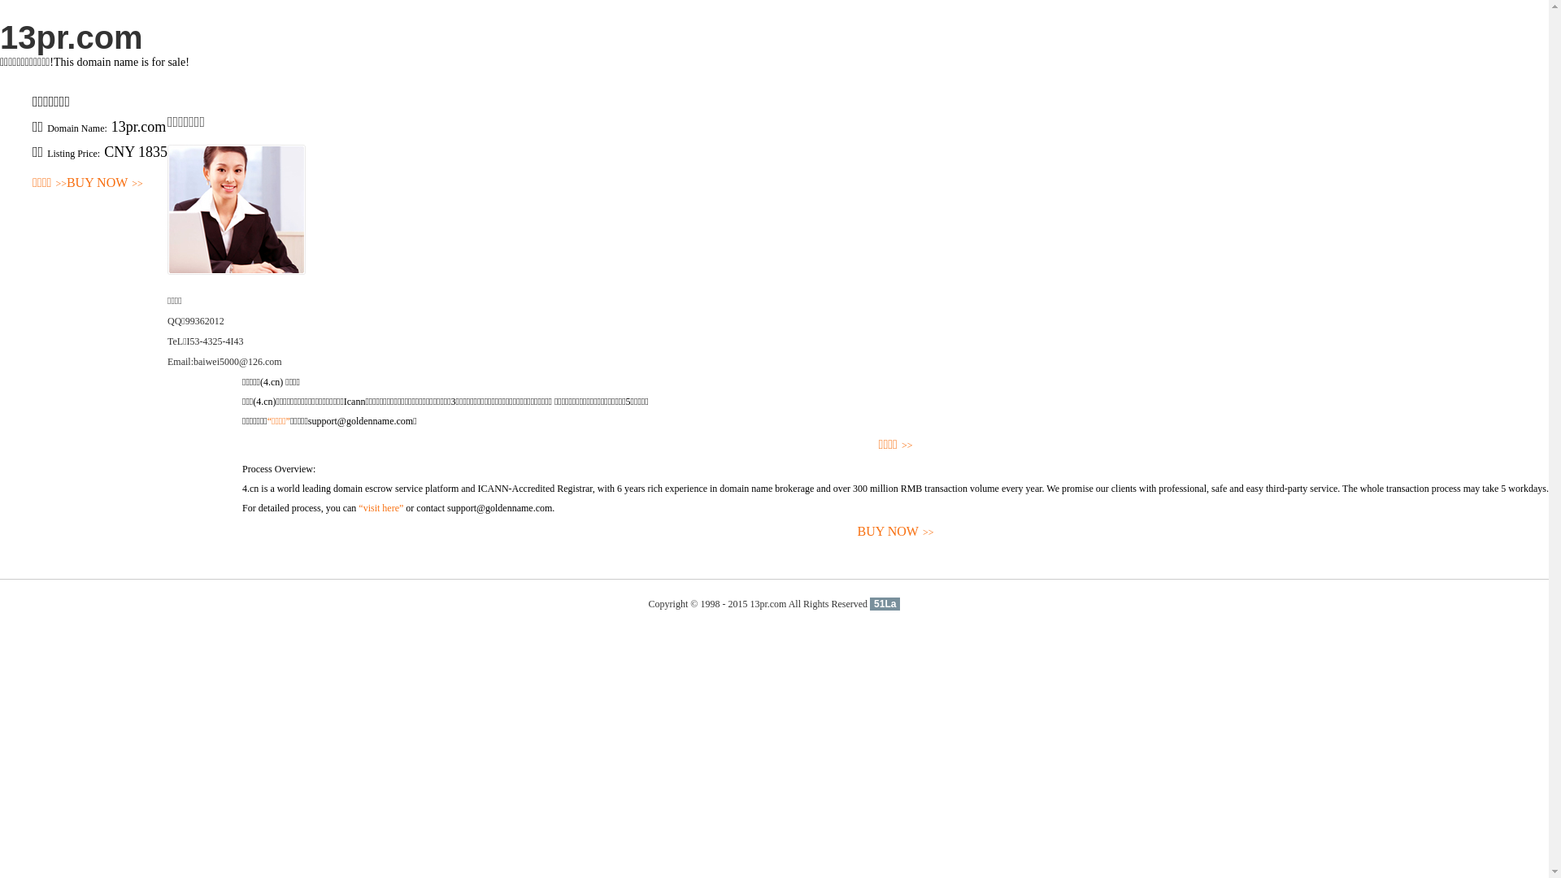 The height and width of the screenshot is (878, 1561). What do you see at coordinates (104, 183) in the screenshot?
I see `'BUY NOW>>'` at bounding box center [104, 183].